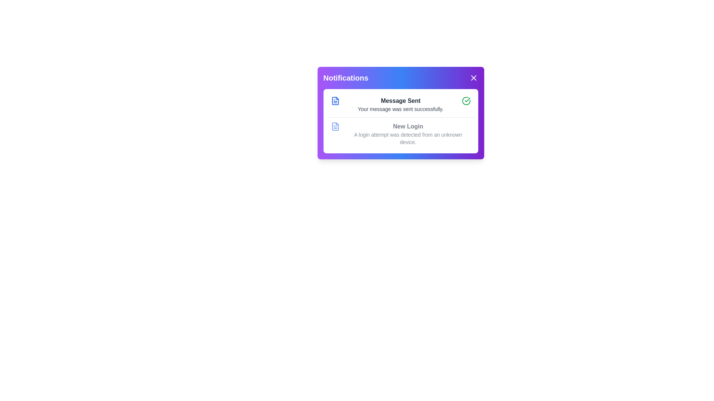 The height and width of the screenshot is (401, 714). What do you see at coordinates (466, 101) in the screenshot?
I see `the status indicator icon located at the rightmost side of the 'Message Sent' notification to acknowledge or open details` at bounding box center [466, 101].